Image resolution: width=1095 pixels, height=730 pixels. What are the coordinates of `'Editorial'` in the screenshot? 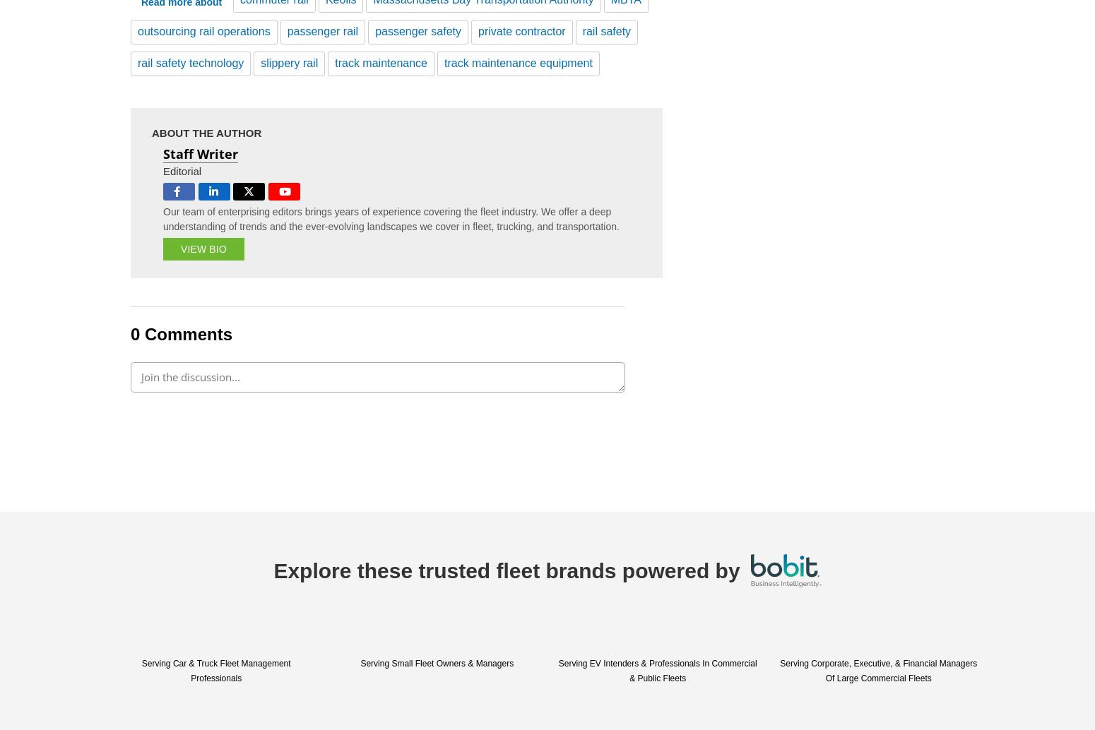 It's located at (182, 170).